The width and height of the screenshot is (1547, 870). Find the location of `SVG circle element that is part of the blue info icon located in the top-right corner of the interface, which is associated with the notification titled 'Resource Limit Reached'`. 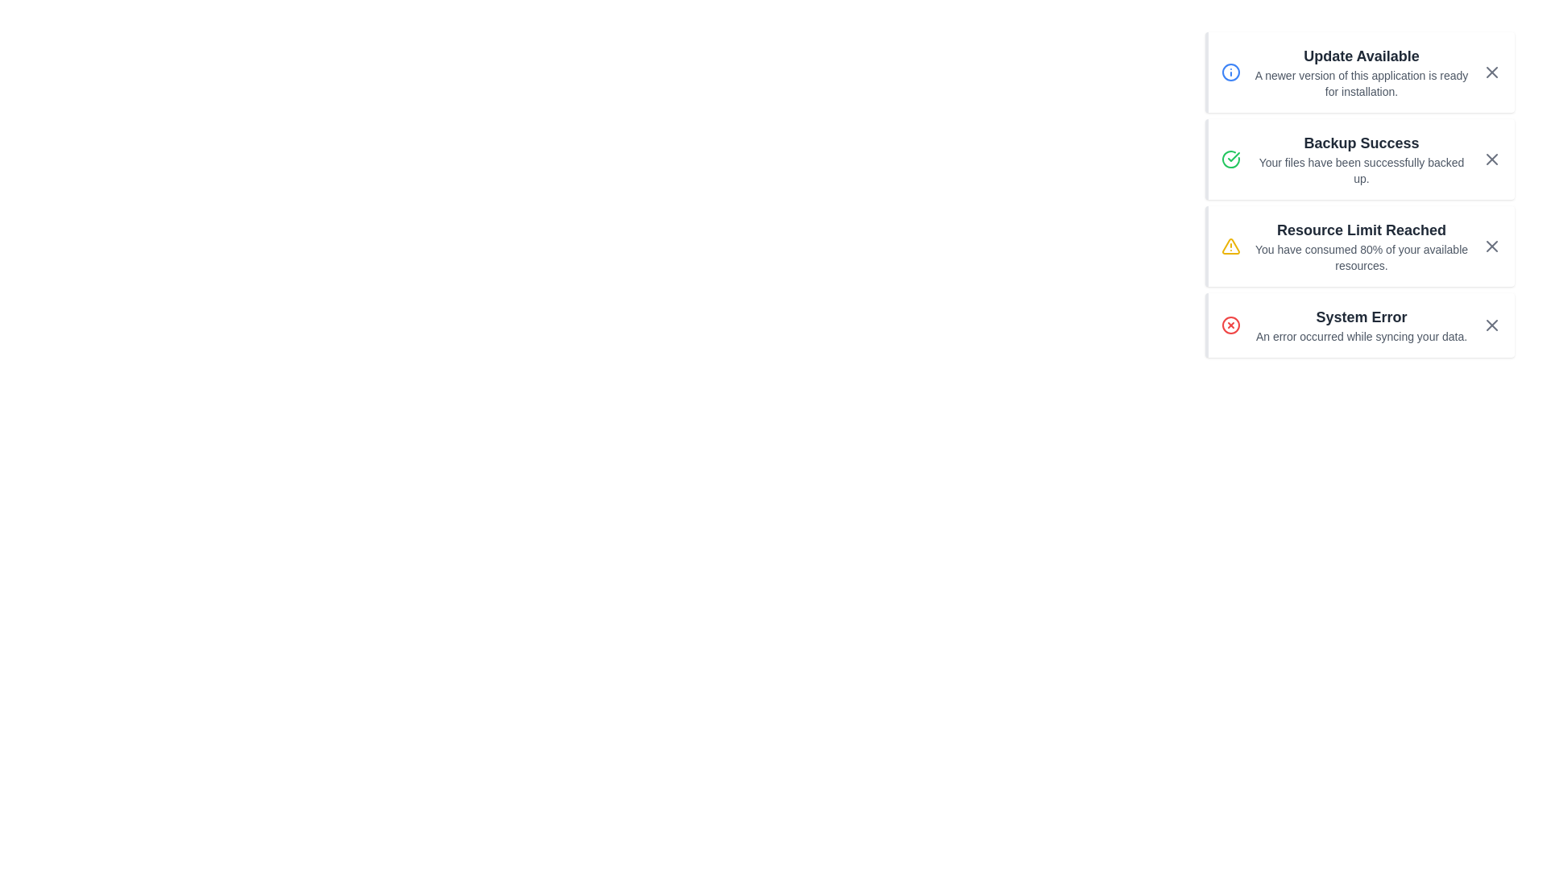

SVG circle element that is part of the blue info icon located in the top-right corner of the interface, which is associated with the notification titled 'Resource Limit Reached' is located at coordinates (1230, 71).